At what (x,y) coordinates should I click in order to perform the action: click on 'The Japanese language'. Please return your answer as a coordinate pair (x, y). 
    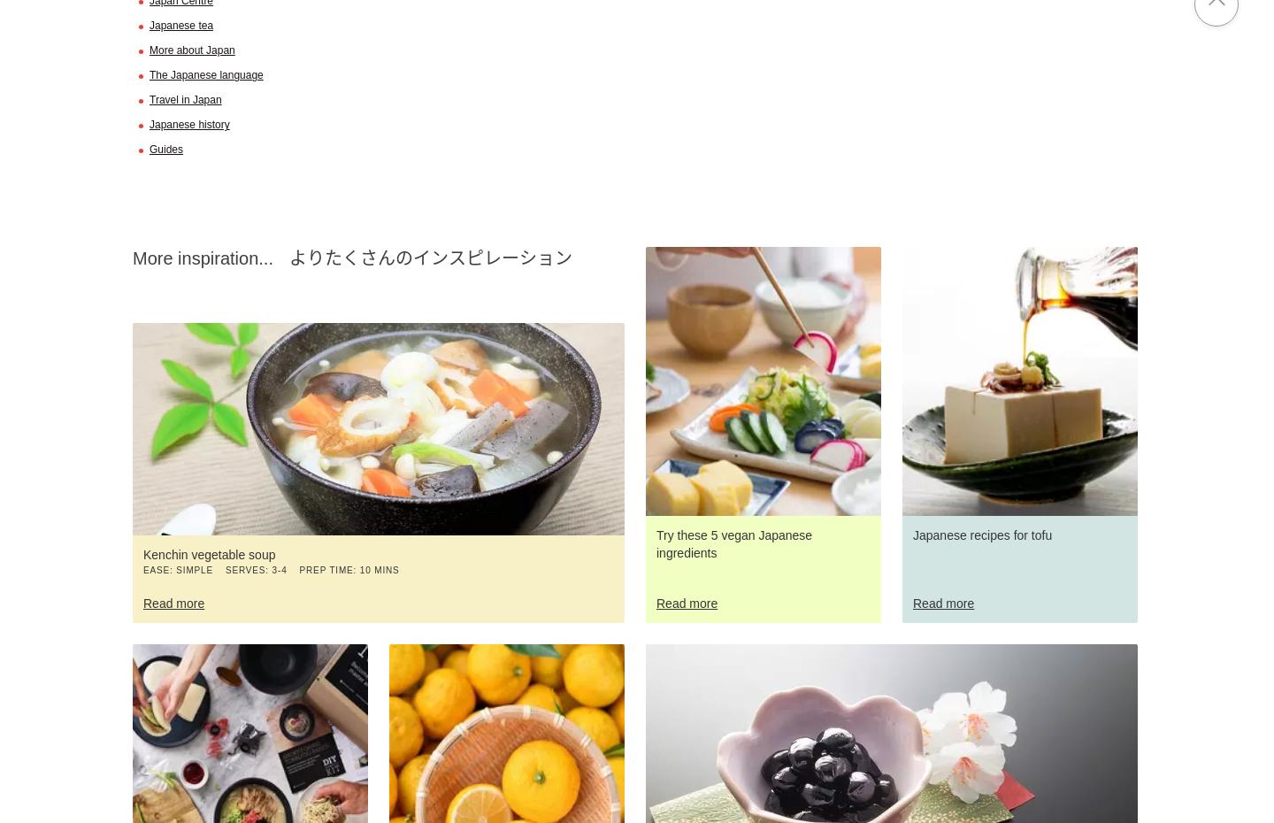
    Looking at the image, I should click on (205, 75).